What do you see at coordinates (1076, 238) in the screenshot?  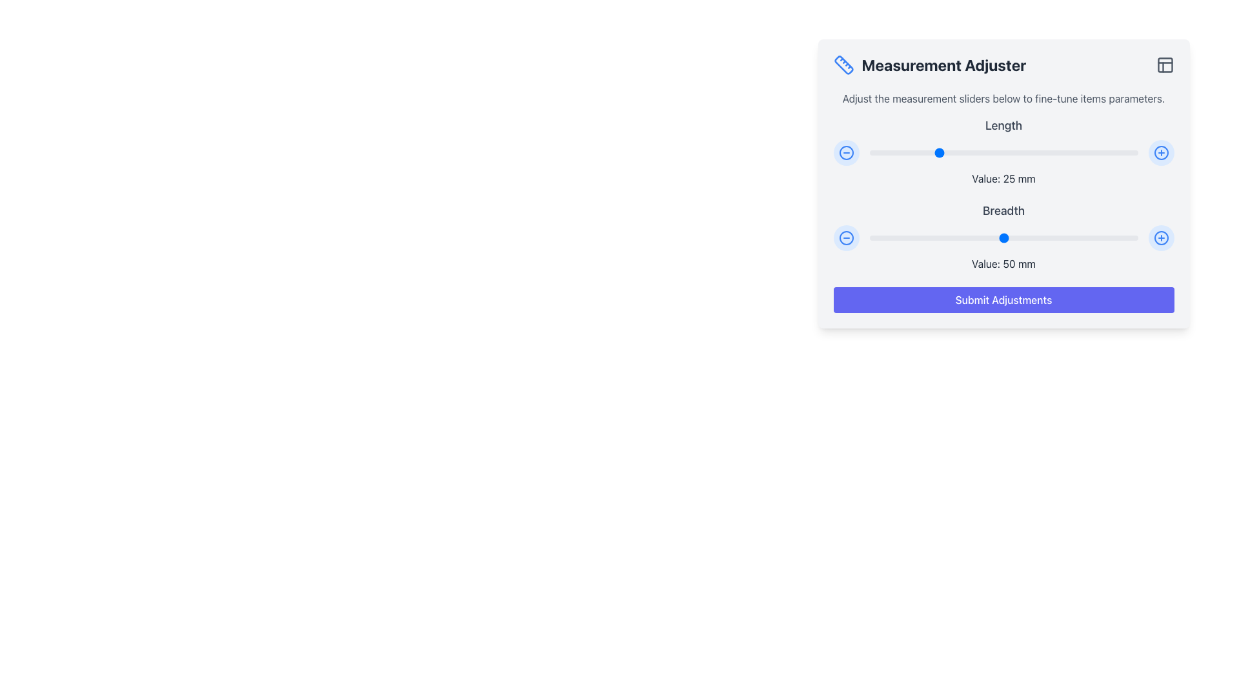 I see `the breadth` at bounding box center [1076, 238].